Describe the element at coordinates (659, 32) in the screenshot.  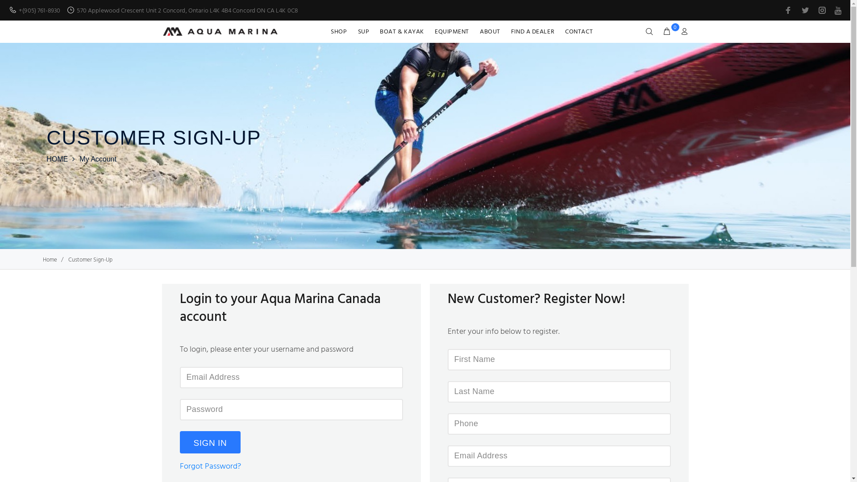
I see `'0'` at that location.